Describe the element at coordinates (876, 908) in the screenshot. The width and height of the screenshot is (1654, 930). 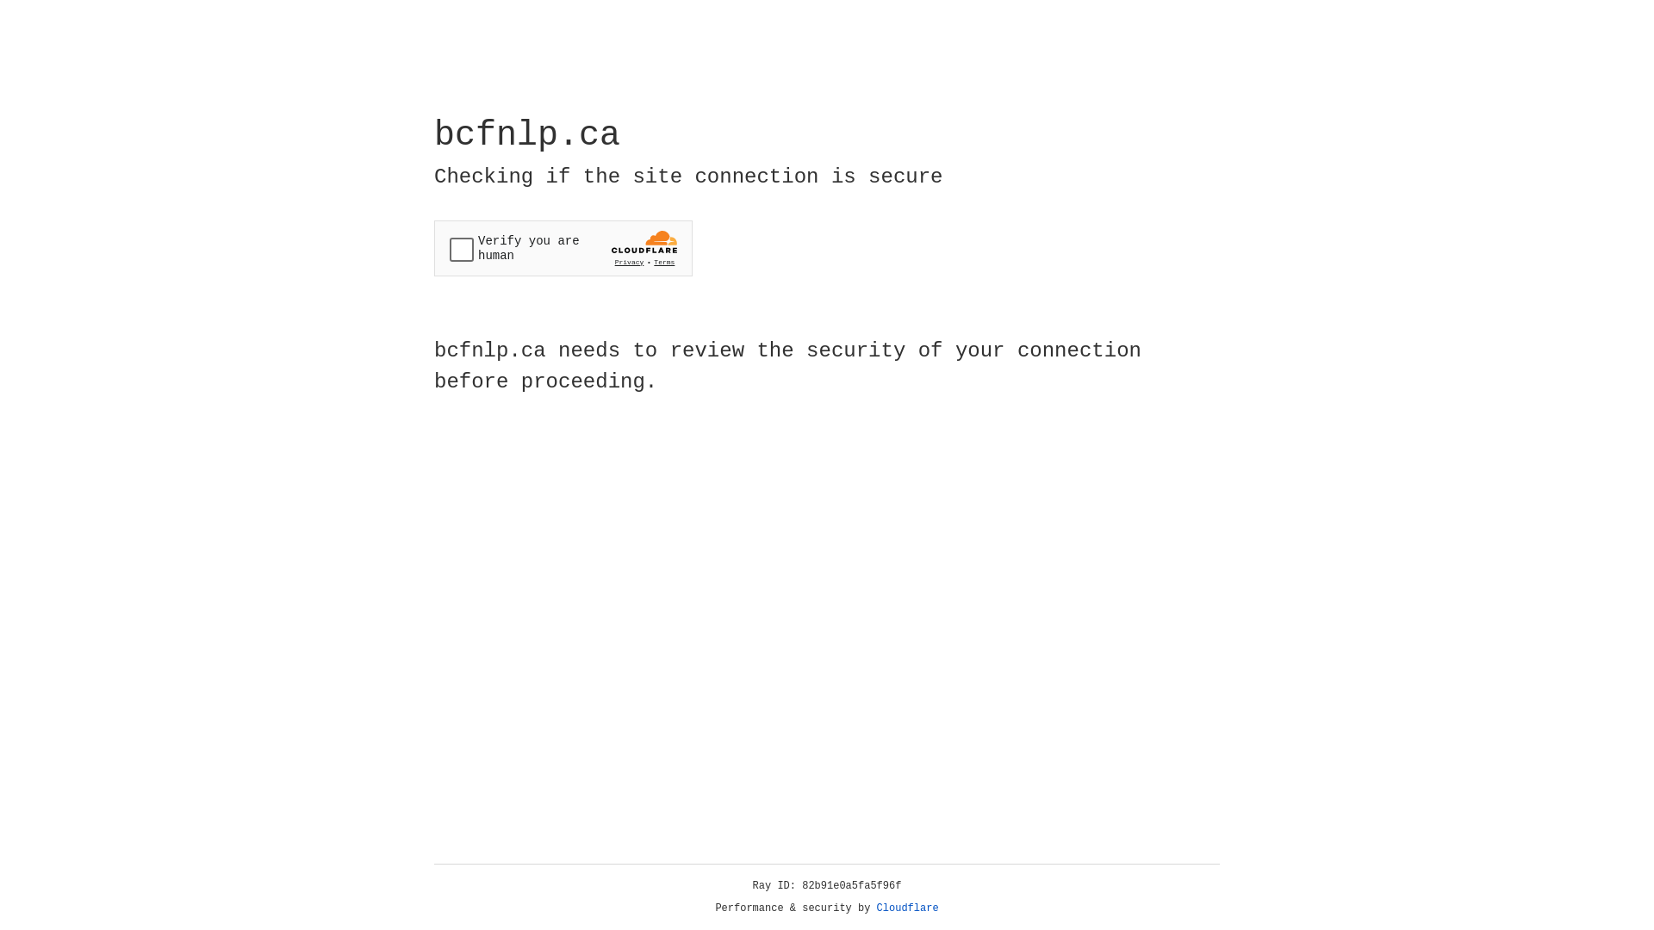
I see `'Cloudflare'` at that location.